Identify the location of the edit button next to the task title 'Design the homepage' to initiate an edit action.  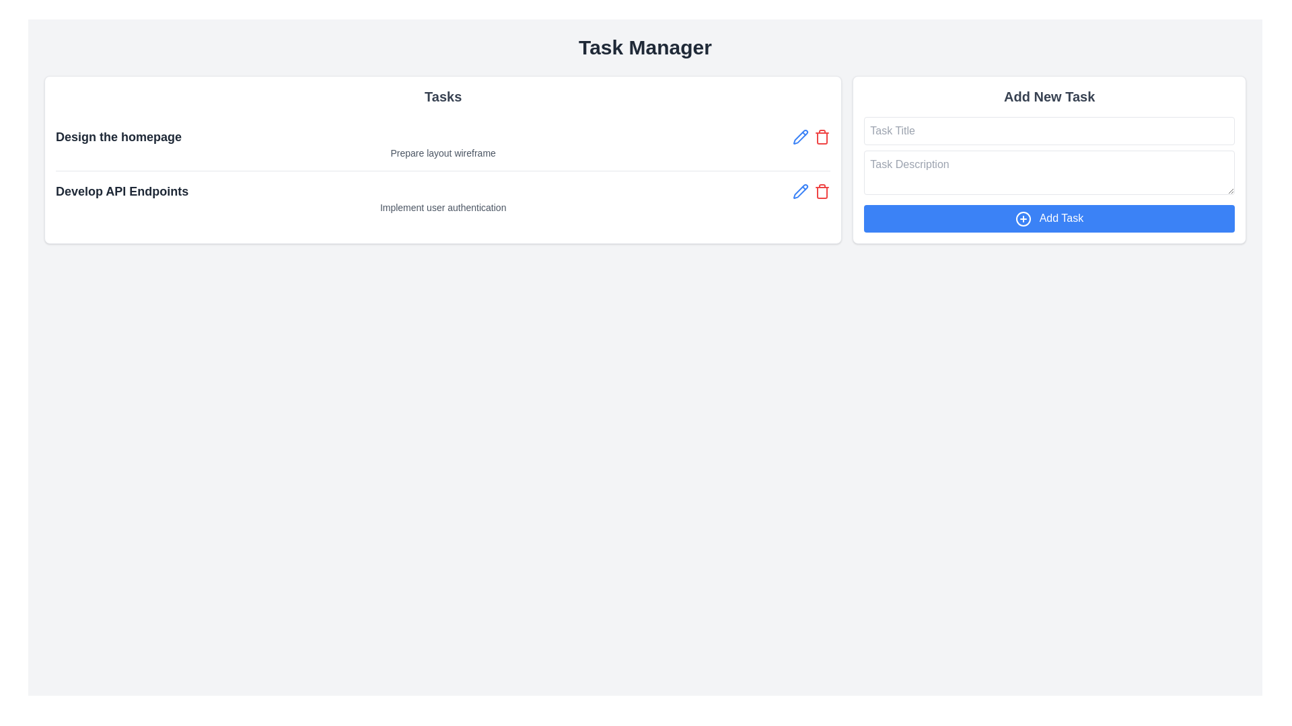
(801, 137).